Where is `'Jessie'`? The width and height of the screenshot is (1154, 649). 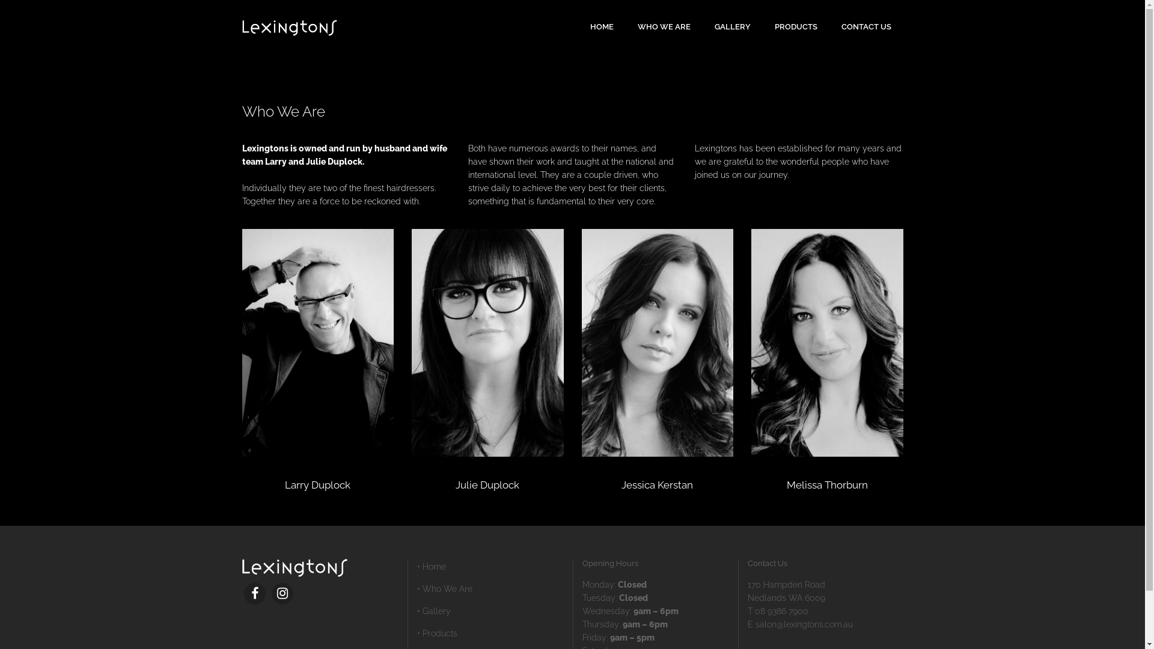 'Jessie' is located at coordinates (657, 343).